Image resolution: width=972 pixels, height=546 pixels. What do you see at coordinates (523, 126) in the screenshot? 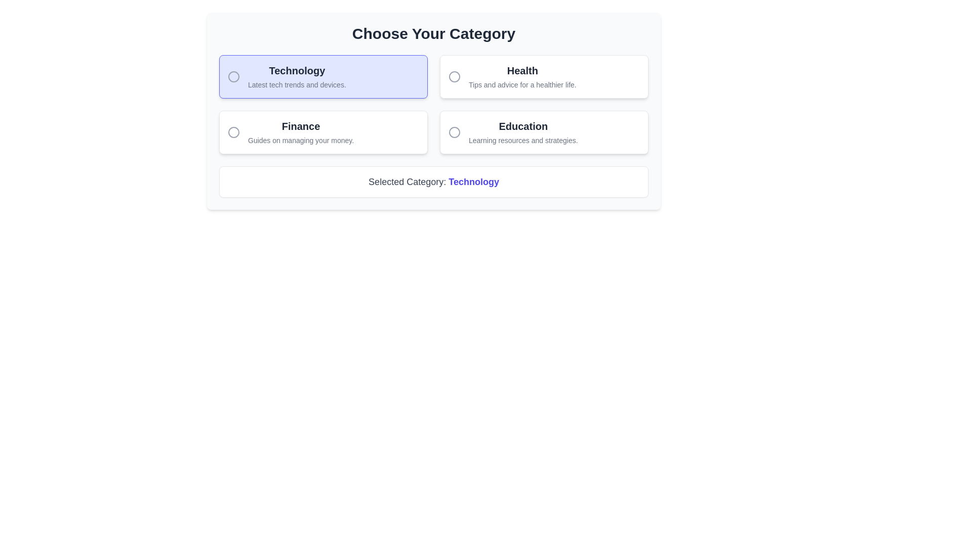
I see `the 'Education' text label, which serves as the title for a selectable category option in the bottom-right quadrant of the interface` at bounding box center [523, 126].